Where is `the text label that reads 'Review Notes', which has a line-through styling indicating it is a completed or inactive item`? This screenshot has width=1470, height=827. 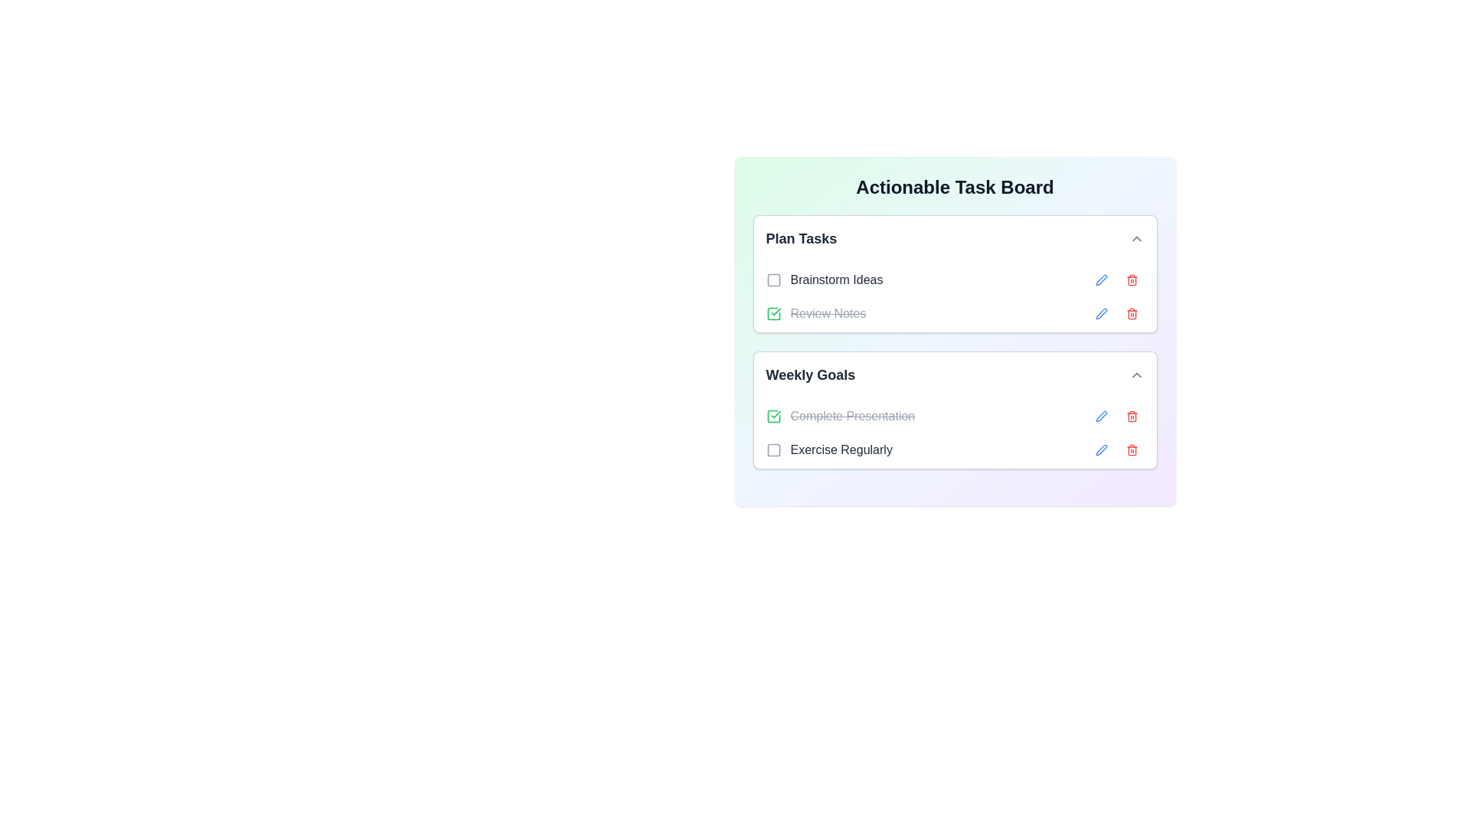
the text label that reads 'Review Notes', which has a line-through styling indicating it is a completed or inactive item is located at coordinates (827, 312).